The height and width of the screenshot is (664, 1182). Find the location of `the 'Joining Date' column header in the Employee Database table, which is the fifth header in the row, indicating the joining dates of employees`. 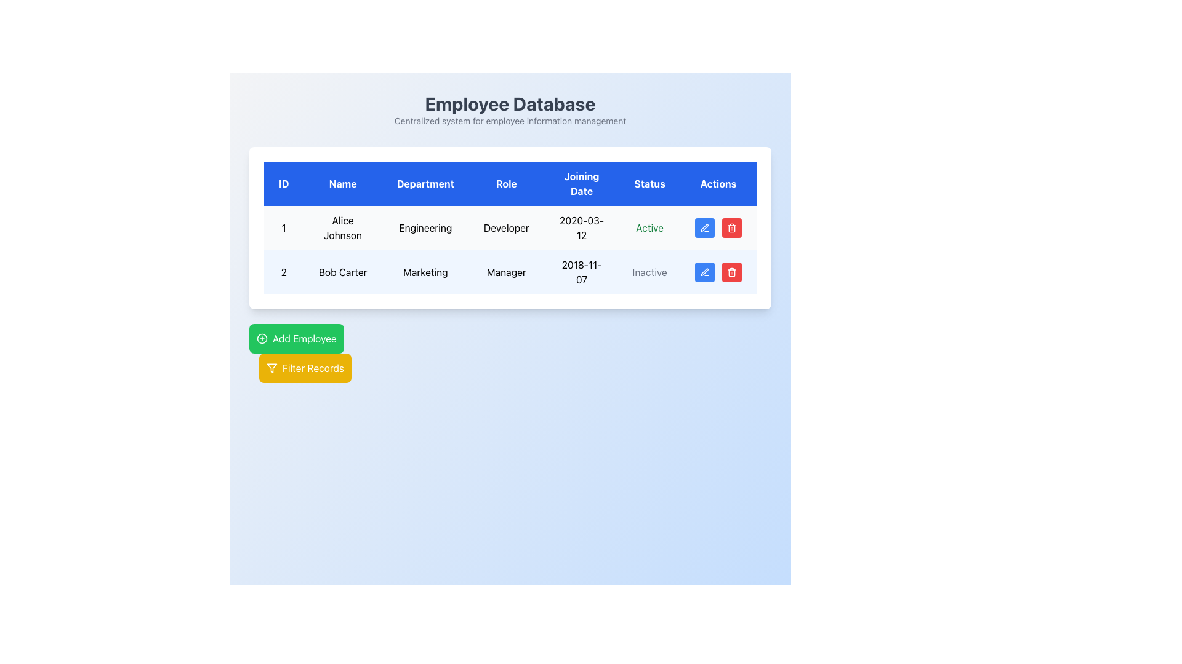

the 'Joining Date' column header in the Employee Database table, which is the fifth header in the row, indicating the joining dates of employees is located at coordinates (581, 184).